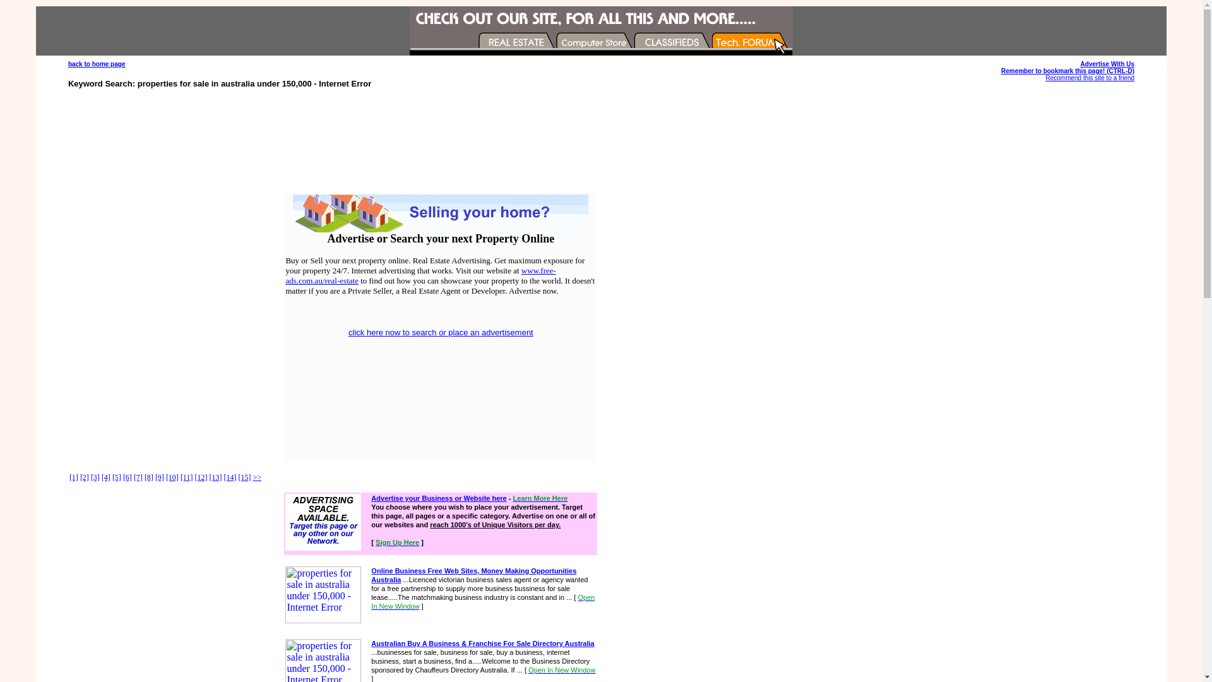  Describe the element at coordinates (420, 275) in the screenshot. I see `'www.free-ads.com.au/real-estate'` at that location.